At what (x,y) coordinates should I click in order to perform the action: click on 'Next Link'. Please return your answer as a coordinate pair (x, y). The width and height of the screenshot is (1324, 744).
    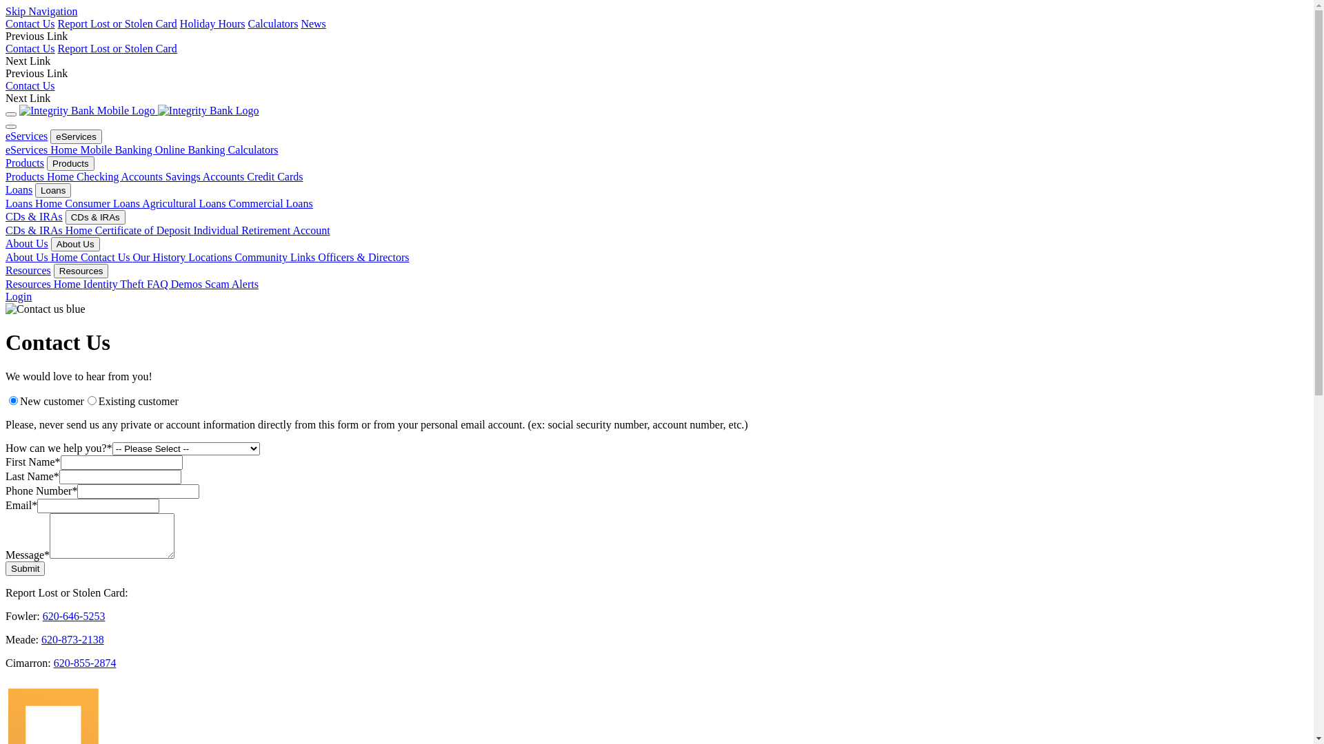
    Looking at the image, I should click on (28, 97).